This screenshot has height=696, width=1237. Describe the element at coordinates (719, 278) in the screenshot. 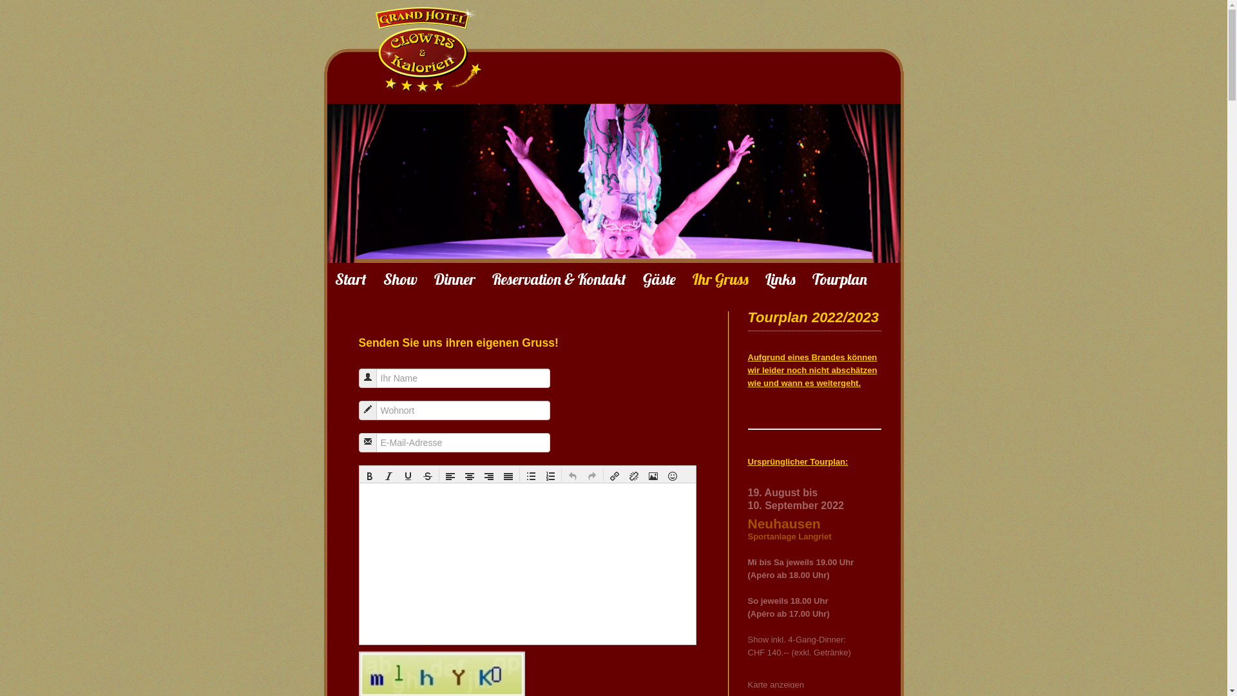

I see `'Ihr Gruss'` at that location.